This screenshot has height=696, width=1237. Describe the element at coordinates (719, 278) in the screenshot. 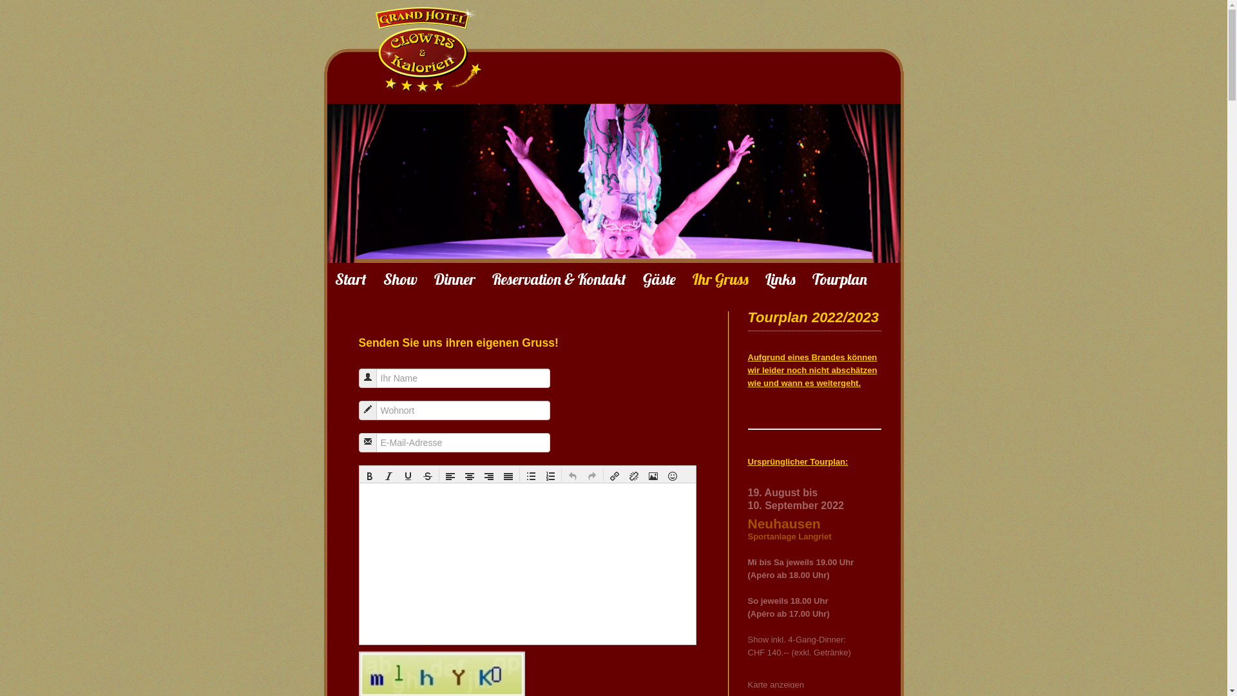

I see `'Ihr Gruss'` at that location.